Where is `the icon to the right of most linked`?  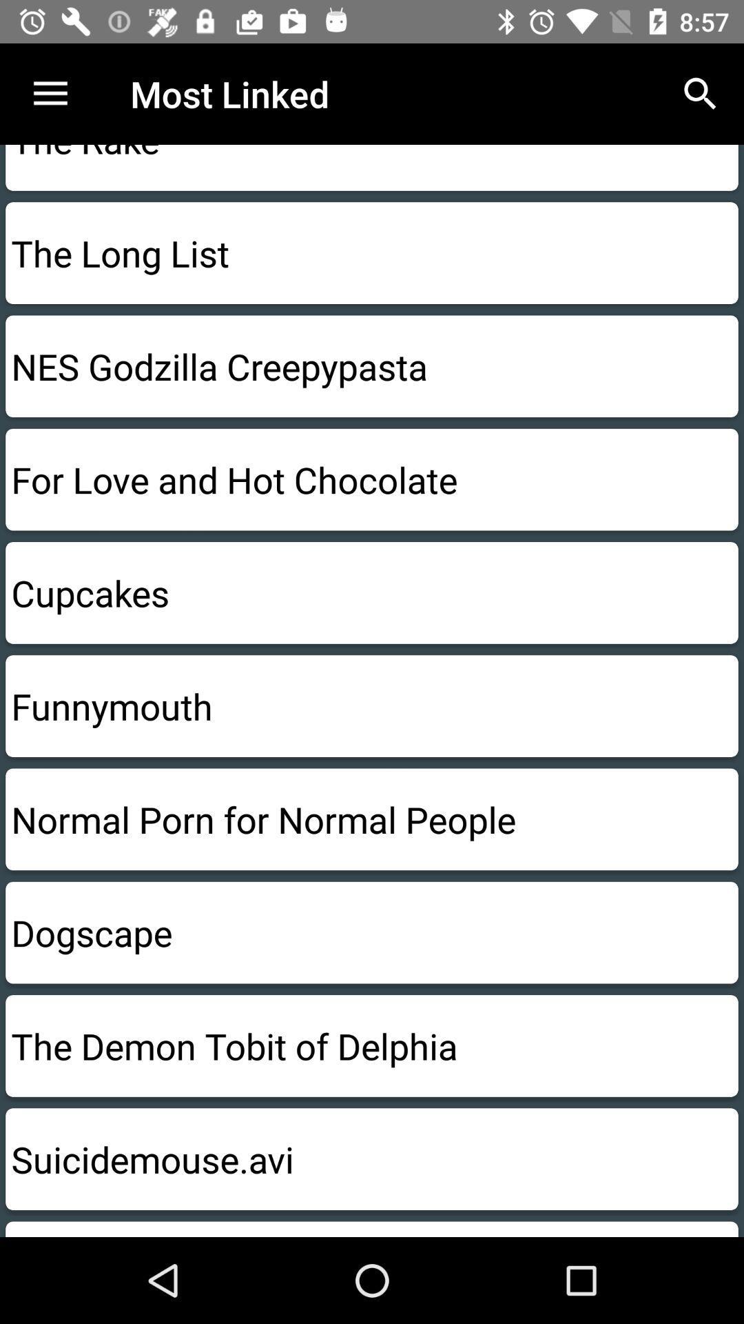
the icon to the right of most linked is located at coordinates (701, 93).